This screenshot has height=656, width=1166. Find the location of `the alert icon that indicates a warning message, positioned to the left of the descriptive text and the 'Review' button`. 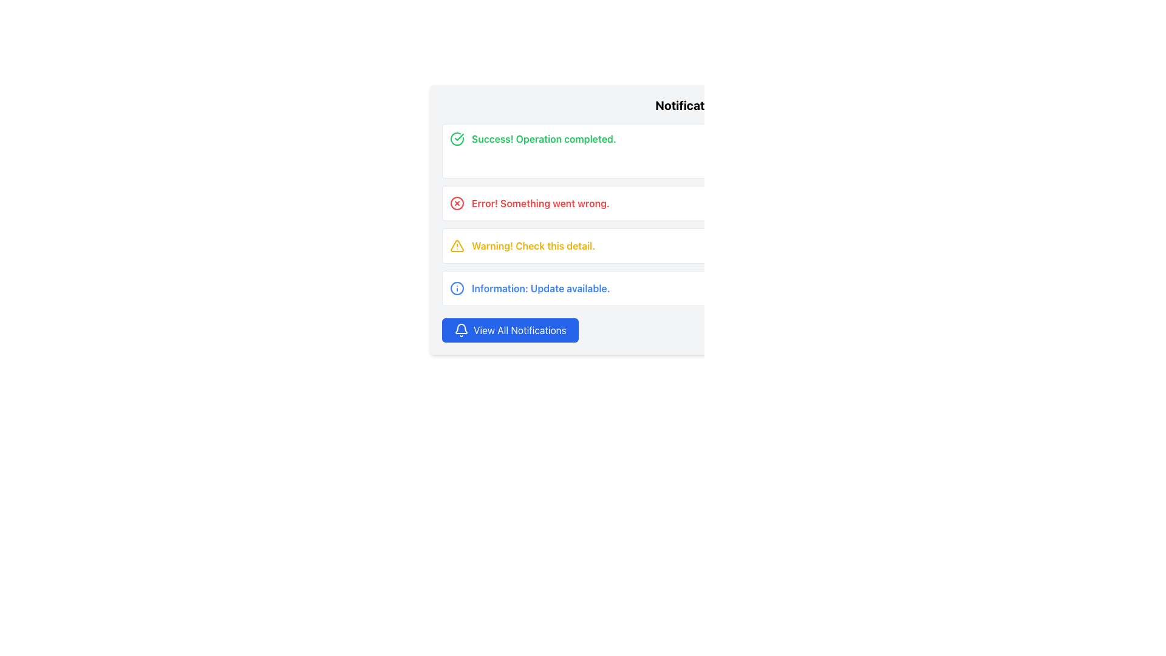

the alert icon that indicates a warning message, positioned to the left of the descriptive text and the 'Review' button is located at coordinates (457, 246).